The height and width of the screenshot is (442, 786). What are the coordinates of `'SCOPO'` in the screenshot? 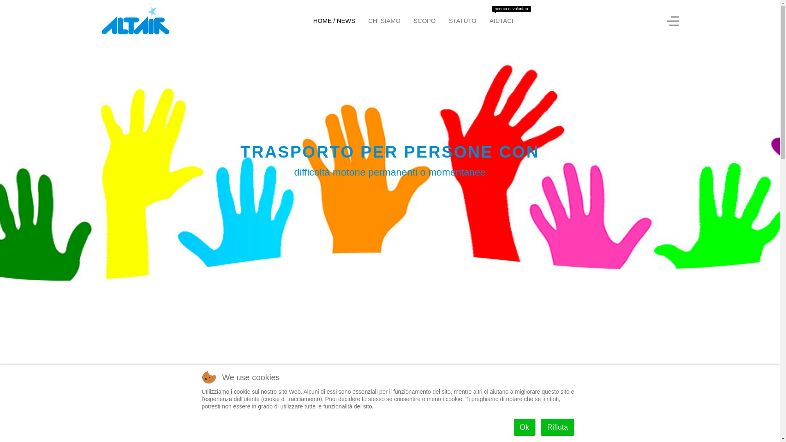 It's located at (424, 20).